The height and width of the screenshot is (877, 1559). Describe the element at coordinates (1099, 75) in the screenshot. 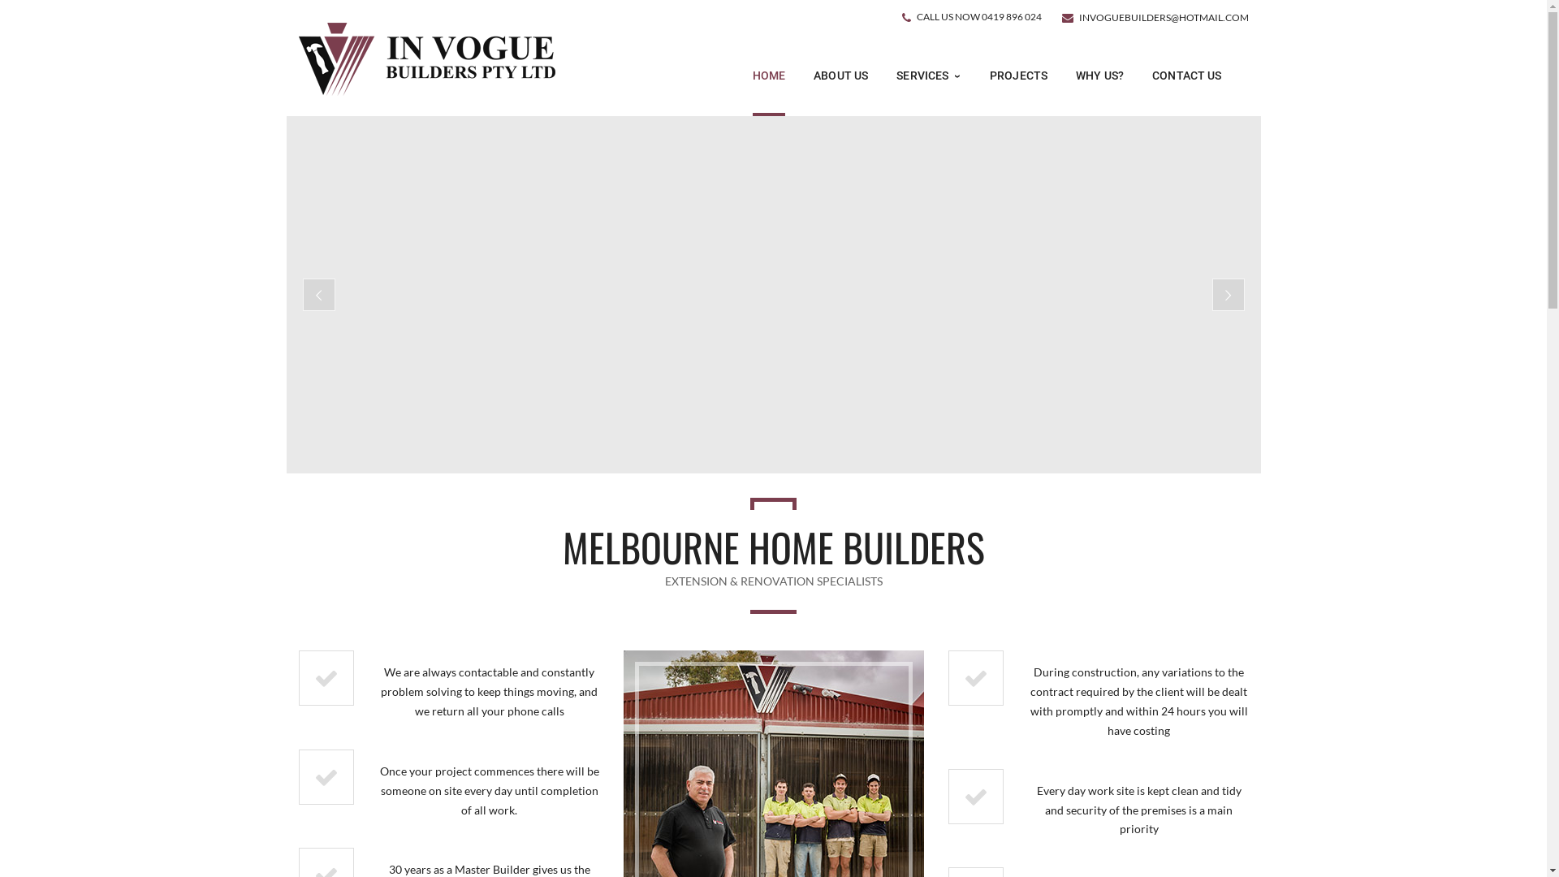

I see `'WHY US?'` at that location.